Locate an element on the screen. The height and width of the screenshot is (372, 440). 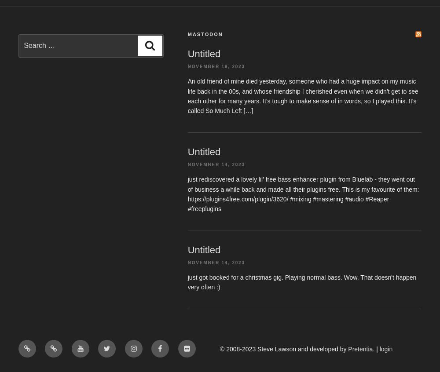
'-2023
Steve Lawson and developed by' is located at coordinates (294, 349).